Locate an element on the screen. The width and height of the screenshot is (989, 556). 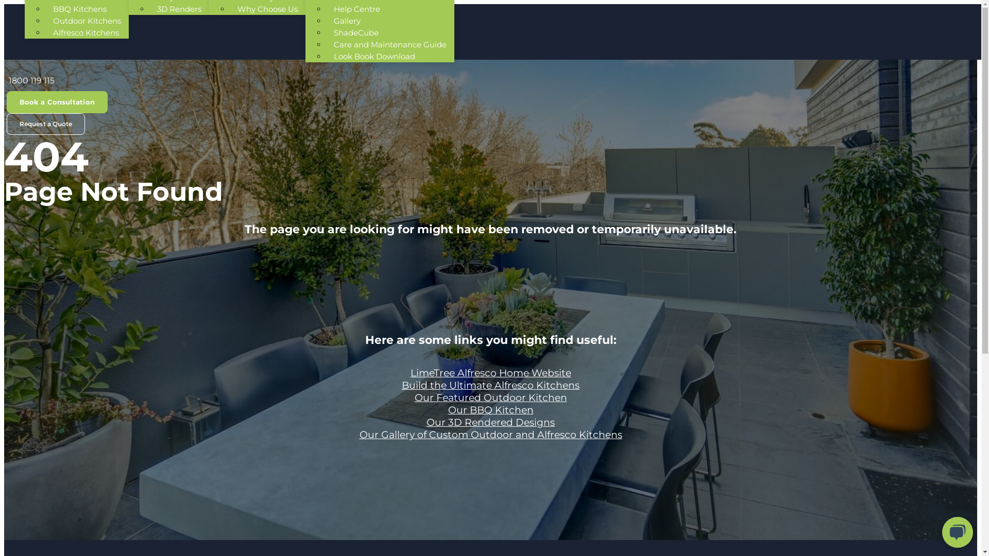
'Request a Quote' is located at coordinates (45, 123).